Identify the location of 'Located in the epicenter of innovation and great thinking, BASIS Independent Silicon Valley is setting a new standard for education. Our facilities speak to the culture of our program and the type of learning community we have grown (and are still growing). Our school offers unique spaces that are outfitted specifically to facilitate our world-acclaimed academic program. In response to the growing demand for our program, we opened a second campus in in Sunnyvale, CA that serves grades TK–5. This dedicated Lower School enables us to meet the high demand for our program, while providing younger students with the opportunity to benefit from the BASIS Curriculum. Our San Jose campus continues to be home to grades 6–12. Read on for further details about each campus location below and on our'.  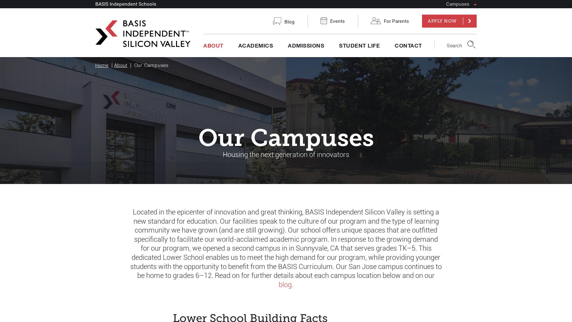
(286, 243).